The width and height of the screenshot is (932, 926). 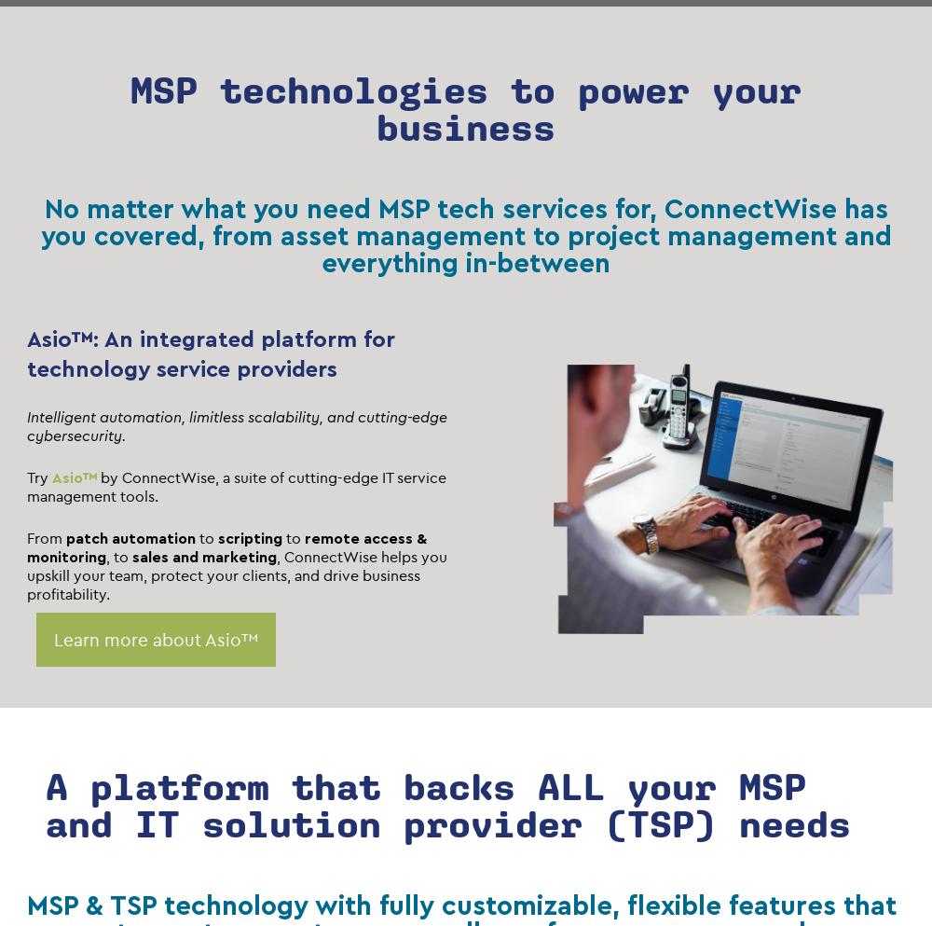 I want to click on 'MSP technologies to power your business', so click(x=130, y=108).